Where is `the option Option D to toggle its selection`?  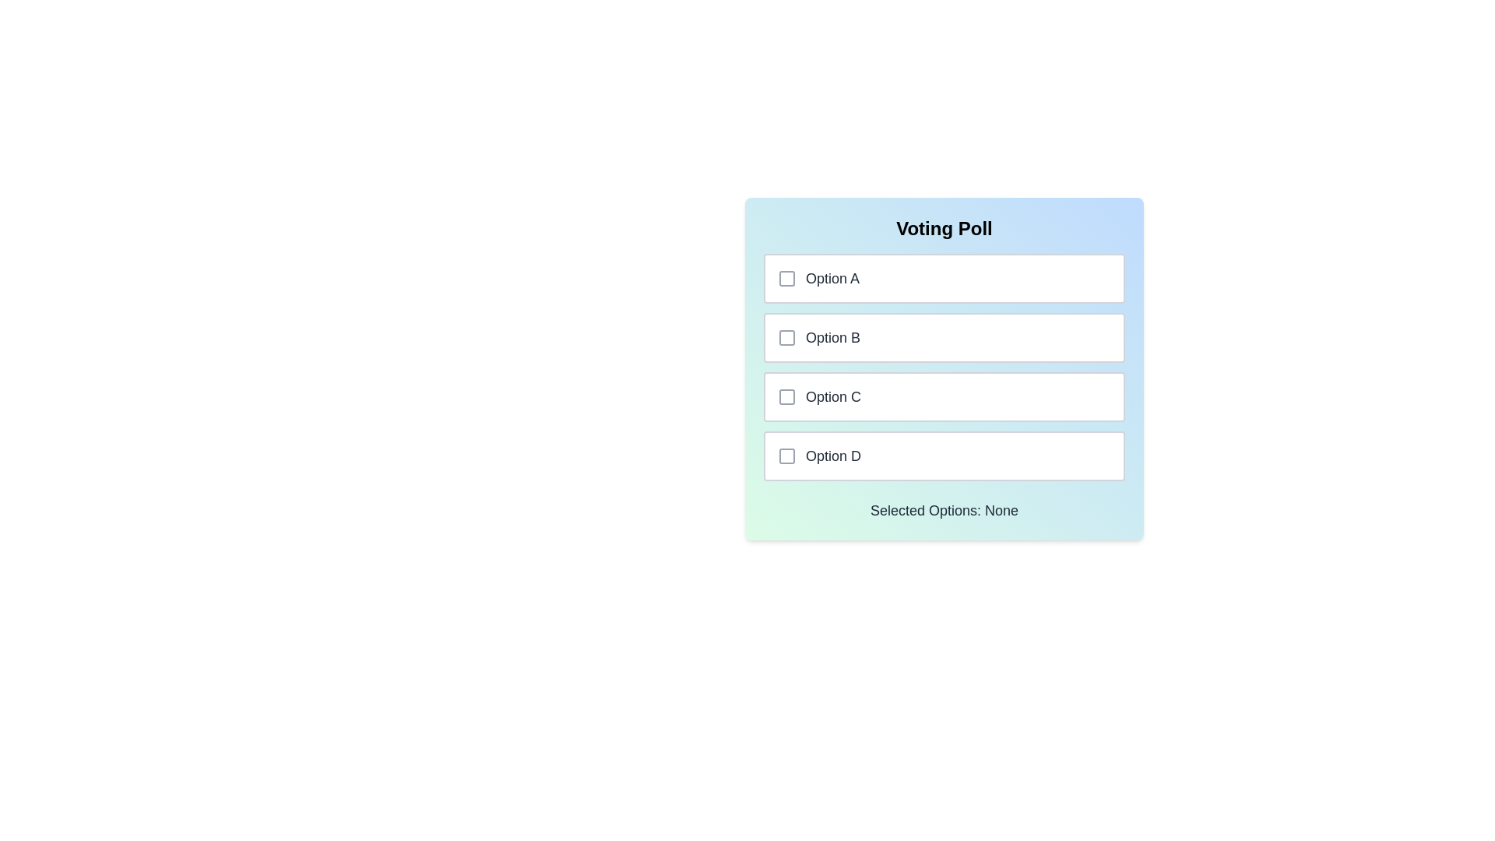
the option Option D to toggle its selection is located at coordinates (944, 456).